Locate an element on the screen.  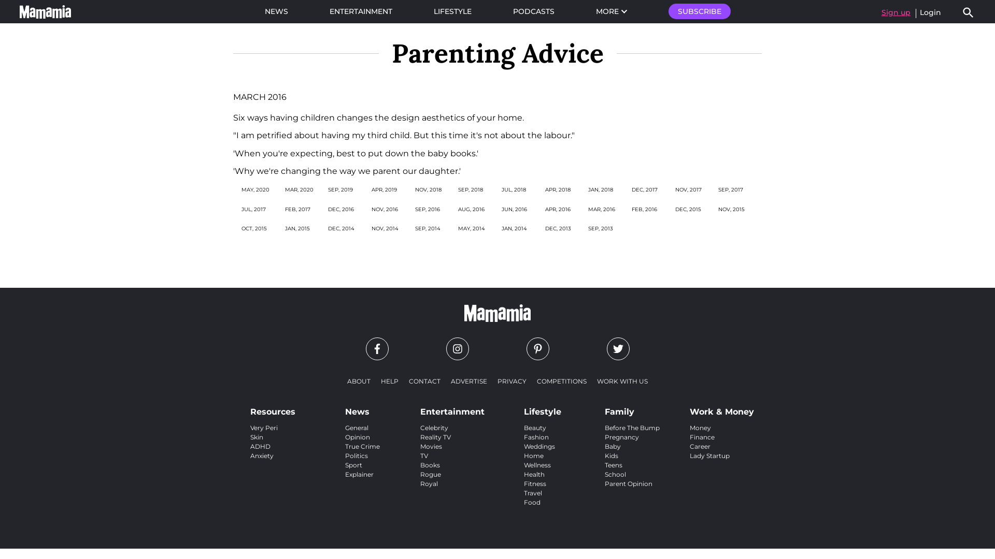
'MAY, 2020' is located at coordinates (255, 189).